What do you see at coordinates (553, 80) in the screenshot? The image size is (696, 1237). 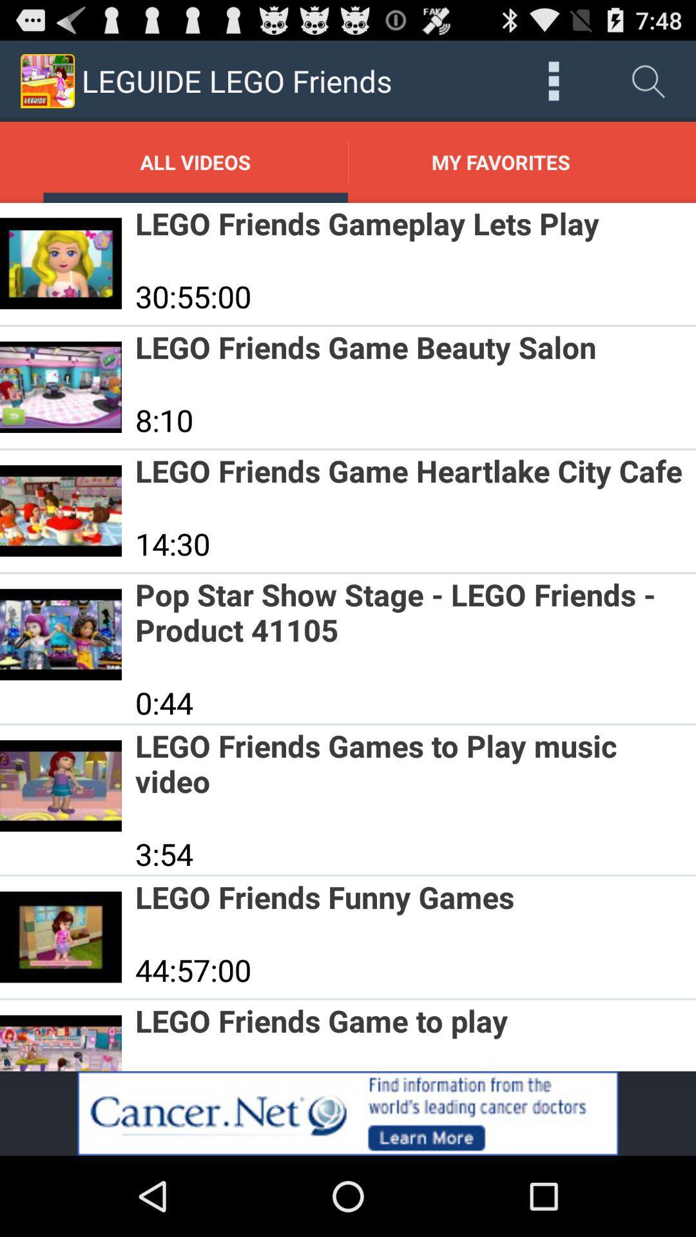 I see `all options` at bounding box center [553, 80].